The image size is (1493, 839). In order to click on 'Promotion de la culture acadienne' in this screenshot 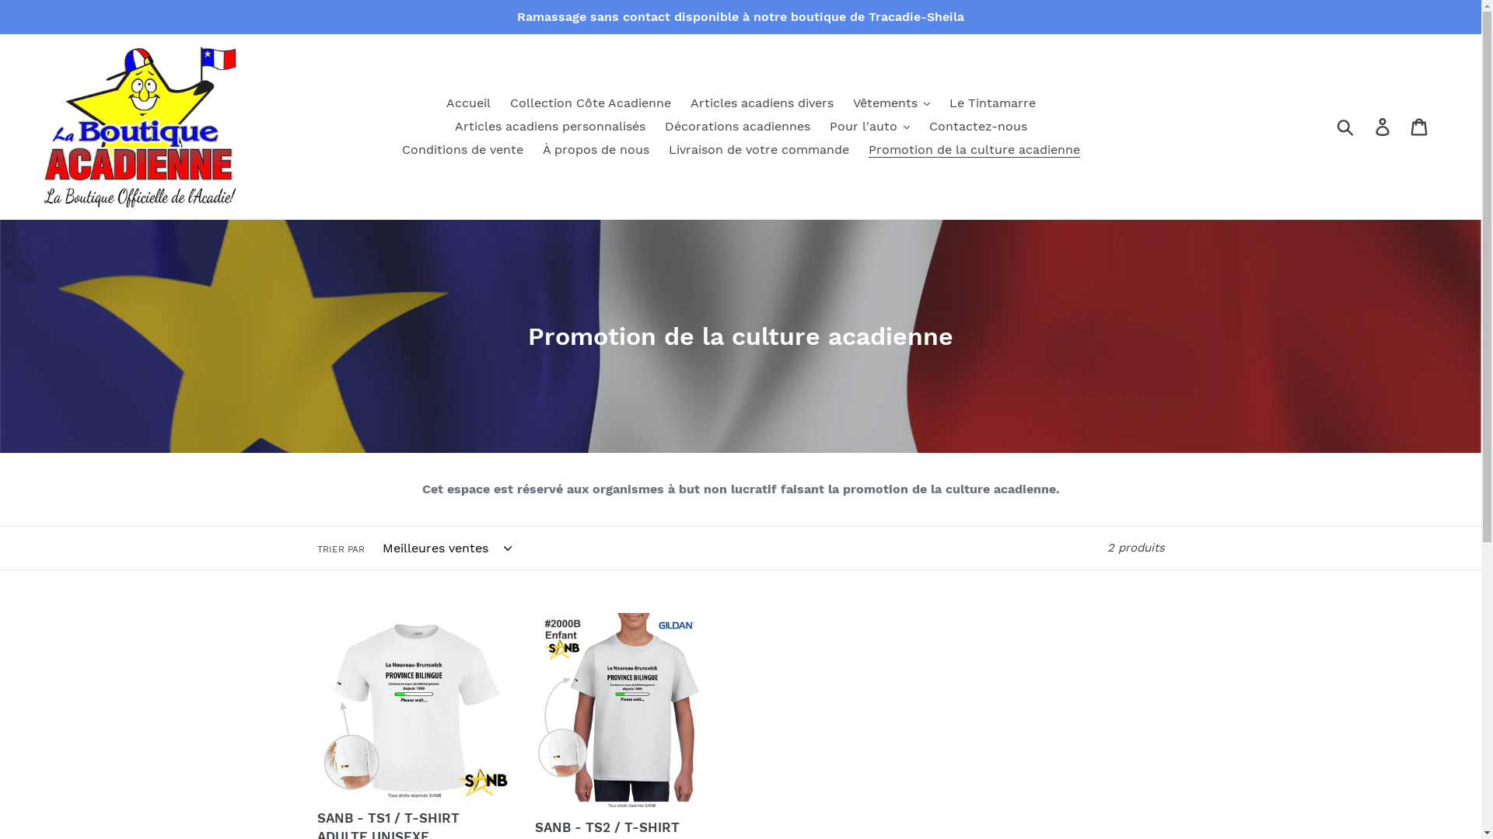, I will do `click(973, 149)`.